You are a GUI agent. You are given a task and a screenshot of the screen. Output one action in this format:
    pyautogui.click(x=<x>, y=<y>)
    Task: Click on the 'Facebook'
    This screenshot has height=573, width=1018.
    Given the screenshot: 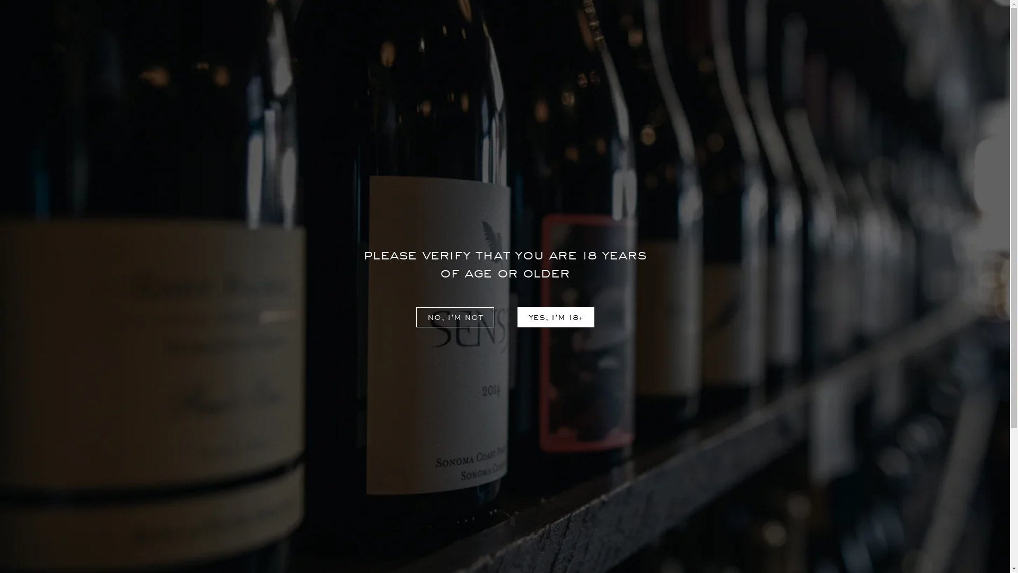 What is the action you would take?
    pyautogui.click(x=707, y=481)
    